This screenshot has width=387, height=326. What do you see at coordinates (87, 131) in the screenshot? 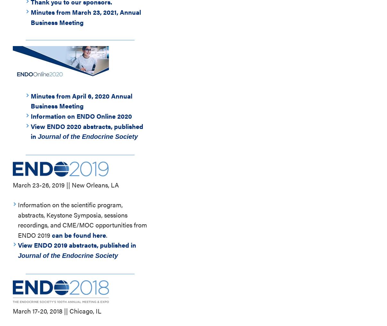
I see `'View ENDO 2020 abstracts, published in'` at bounding box center [87, 131].